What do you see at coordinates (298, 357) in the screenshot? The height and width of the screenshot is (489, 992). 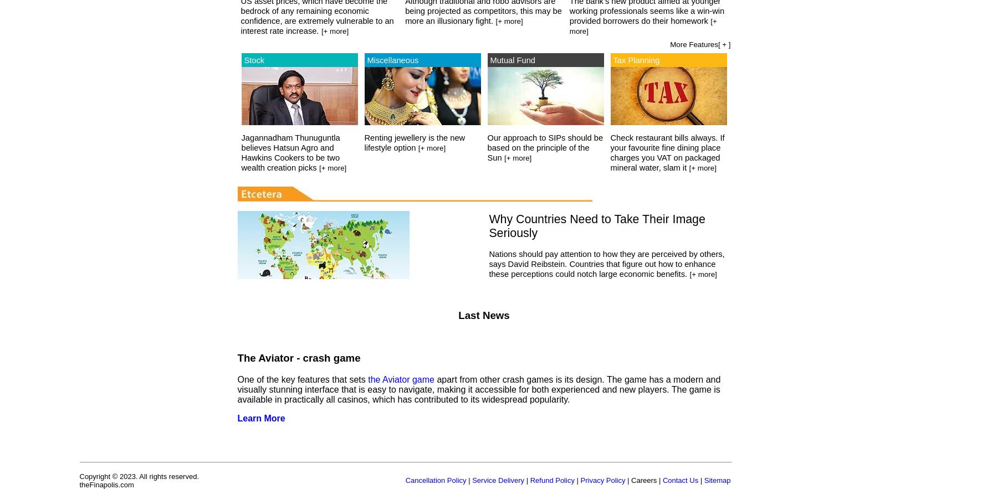 I see `'The Aviator - crash game'` at bounding box center [298, 357].